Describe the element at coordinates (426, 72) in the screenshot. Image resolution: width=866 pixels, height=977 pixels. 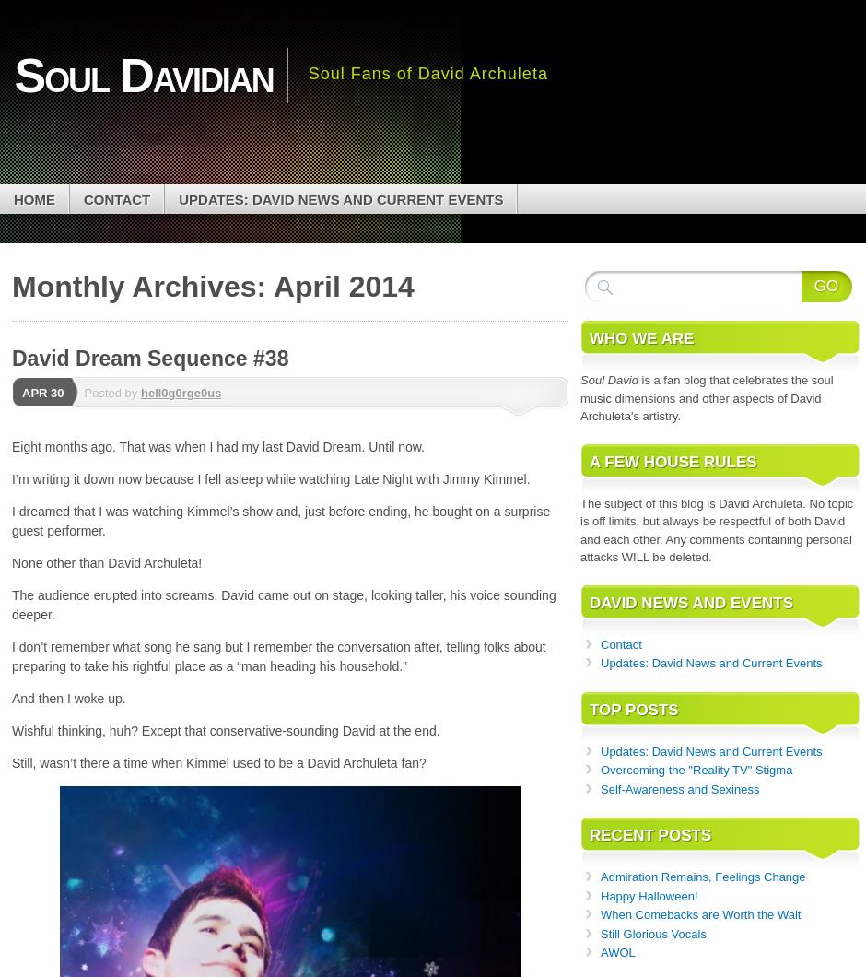
I see `'Soul Fans of David Archuleta'` at that location.